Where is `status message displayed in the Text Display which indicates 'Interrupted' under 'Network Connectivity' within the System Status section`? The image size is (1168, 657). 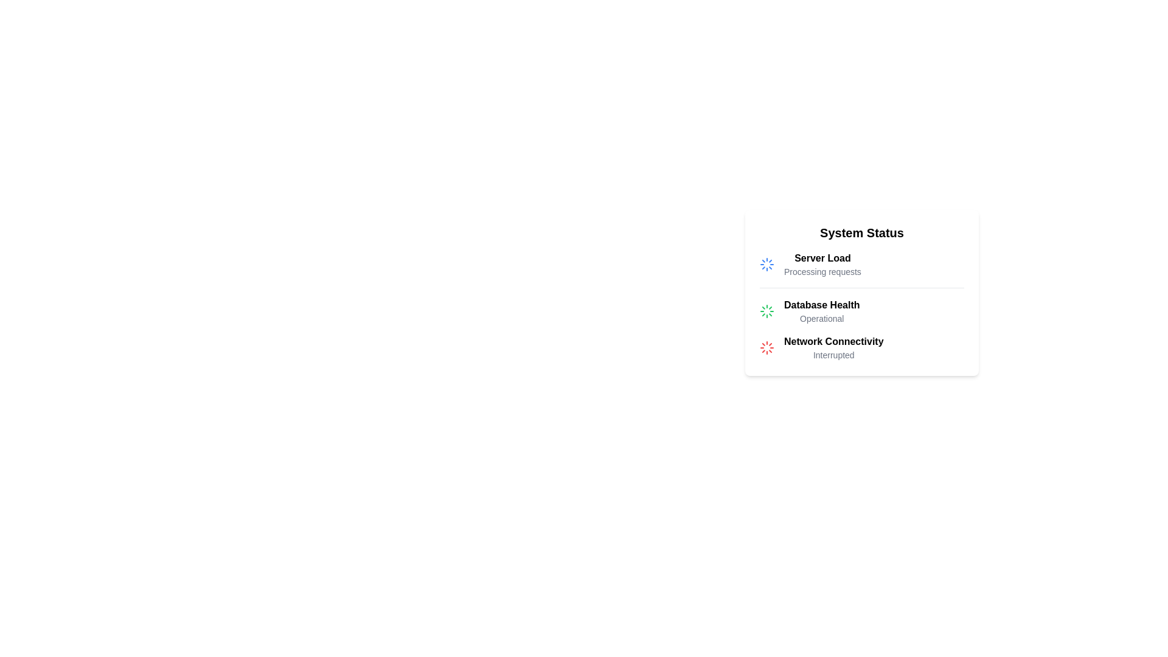 status message displayed in the Text Display which indicates 'Interrupted' under 'Network Connectivity' within the System Status section is located at coordinates (833, 347).